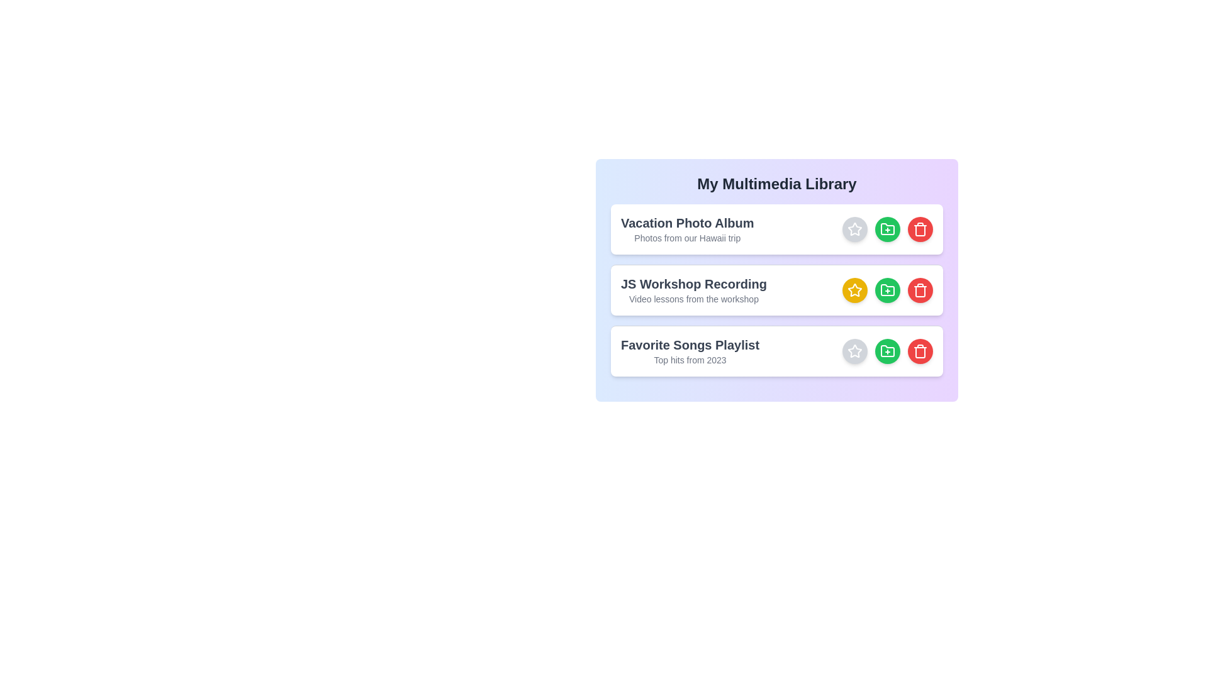 The width and height of the screenshot is (1208, 679). What do you see at coordinates (854, 351) in the screenshot?
I see `the star icon button, which is styled with a thin outline and rounded edges, located on the right side of the 'Favorite Songs Playlist' list item under 'My Multimedia Library'` at bounding box center [854, 351].